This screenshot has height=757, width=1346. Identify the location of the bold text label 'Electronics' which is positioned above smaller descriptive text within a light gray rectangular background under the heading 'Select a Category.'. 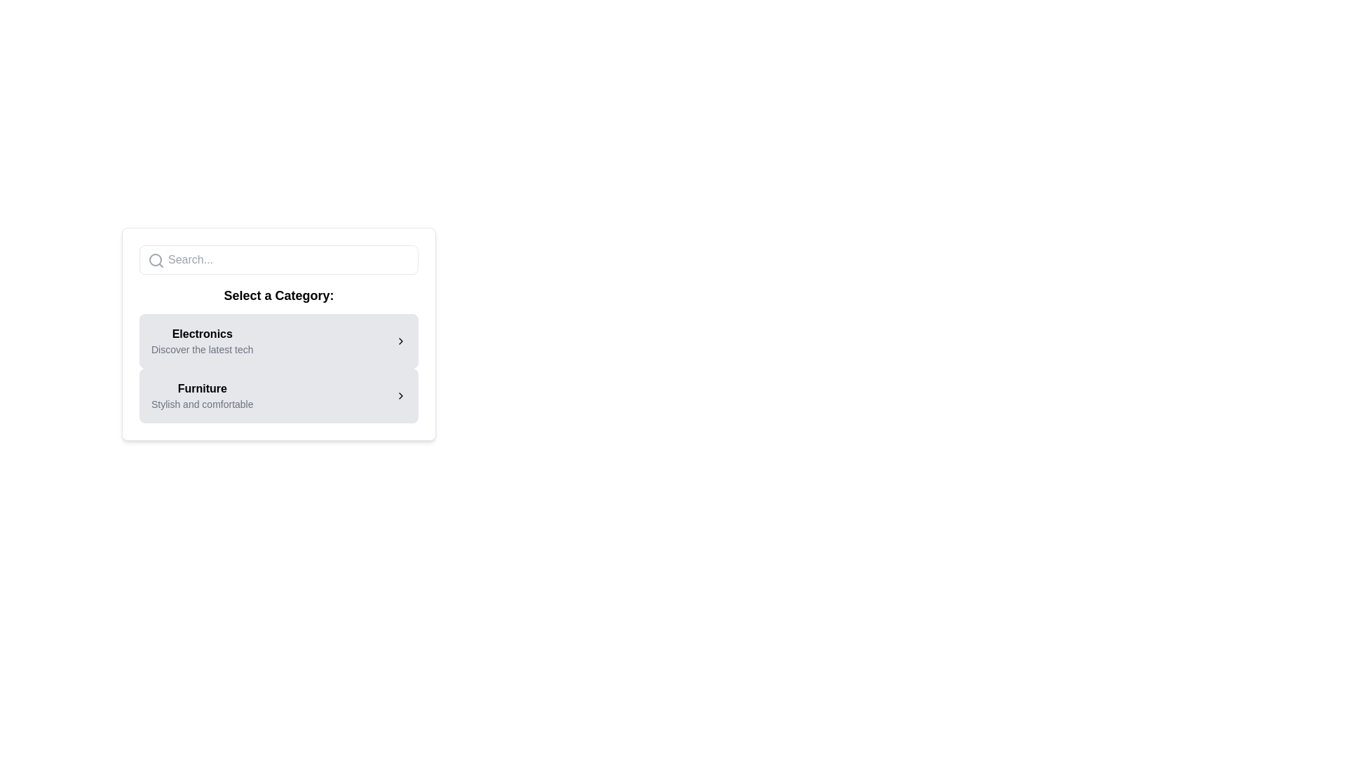
(201, 334).